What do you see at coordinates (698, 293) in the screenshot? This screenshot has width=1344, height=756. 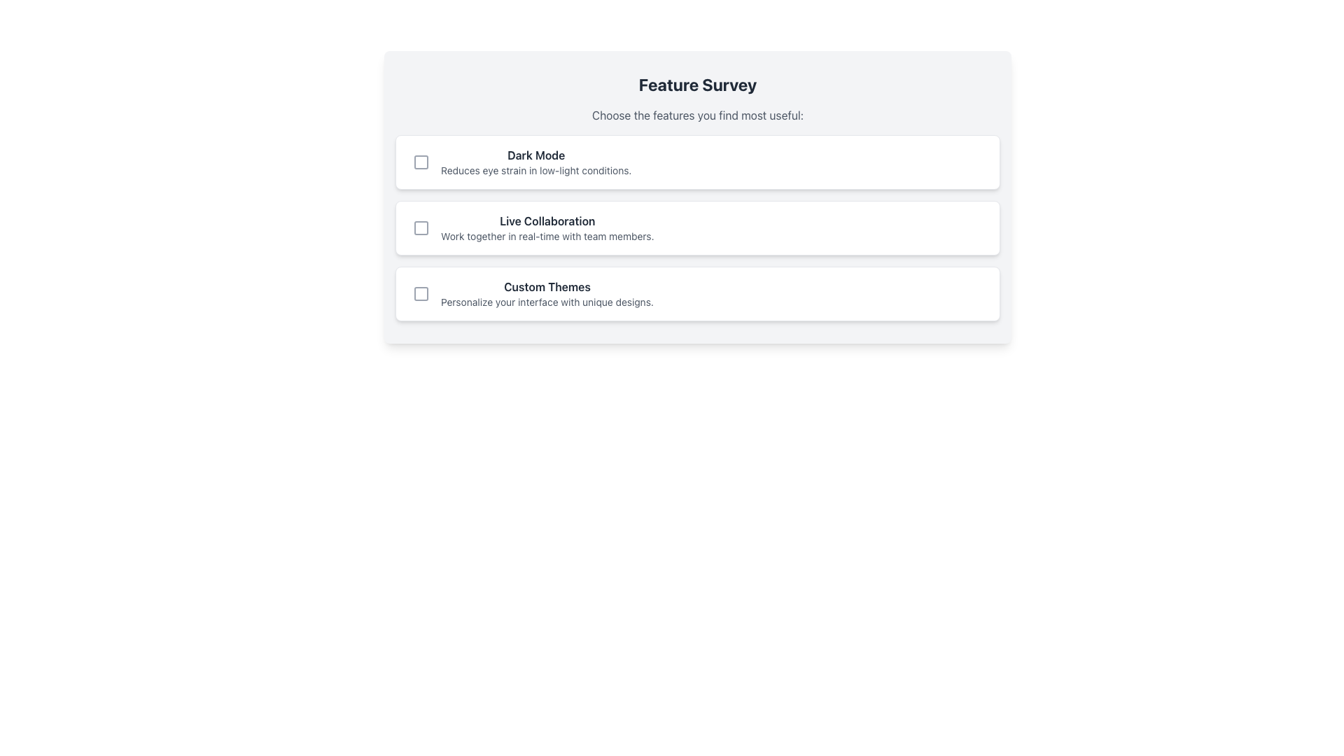 I see `the checkbox in the 'Custom Themes' card` at bounding box center [698, 293].